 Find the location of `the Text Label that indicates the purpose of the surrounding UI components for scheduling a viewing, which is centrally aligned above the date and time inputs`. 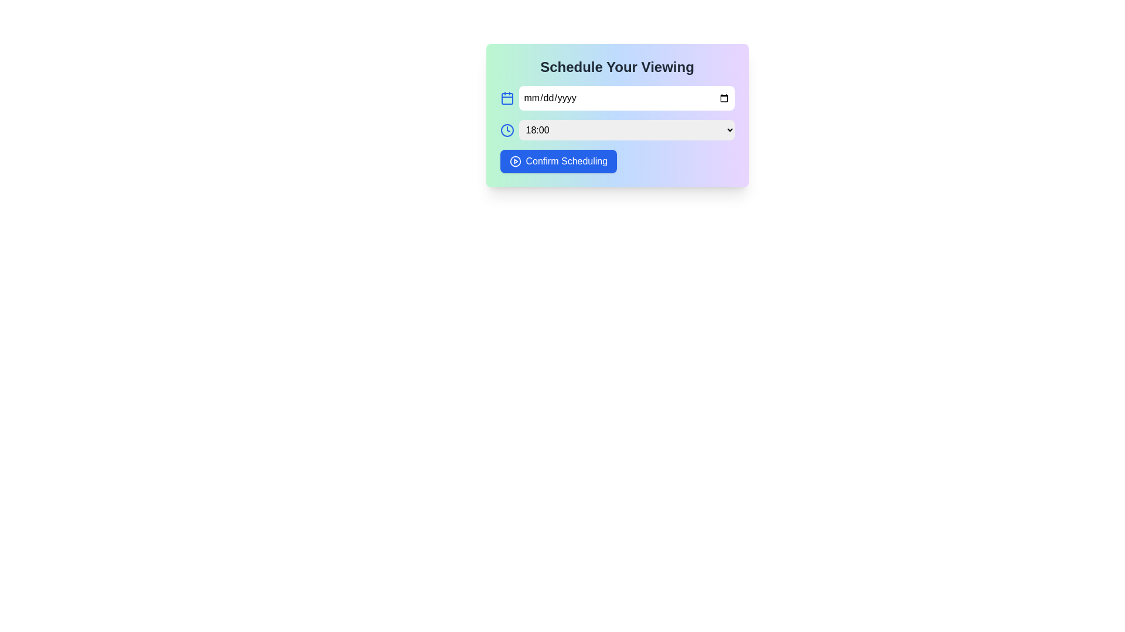

the Text Label that indicates the purpose of the surrounding UI components for scheduling a viewing, which is centrally aligned above the date and time inputs is located at coordinates (616, 67).